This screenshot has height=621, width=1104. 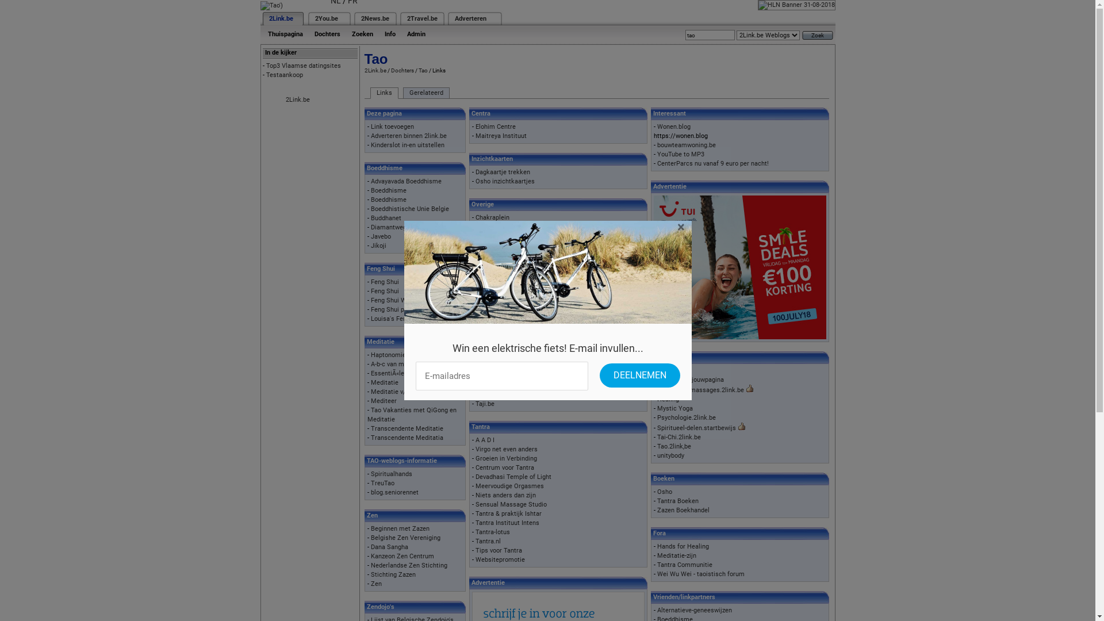 I want to click on '2News.be', so click(x=361, y=18).